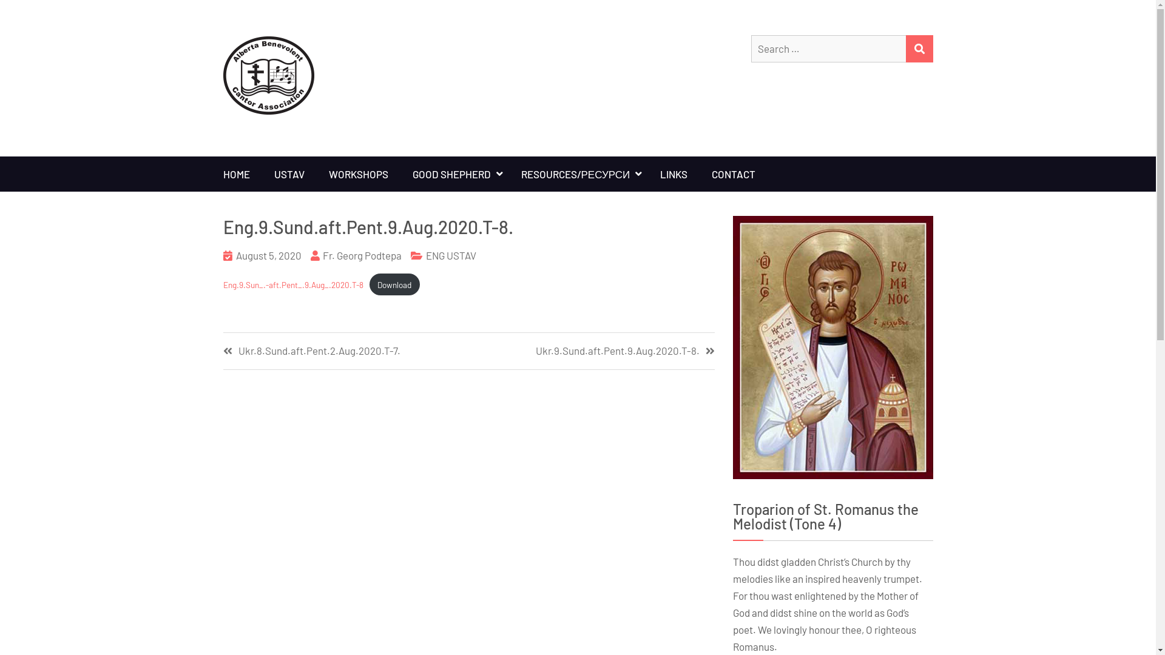 This screenshot has height=655, width=1165. Describe the element at coordinates (361, 254) in the screenshot. I see `'Fr. Georg Podtepa'` at that location.